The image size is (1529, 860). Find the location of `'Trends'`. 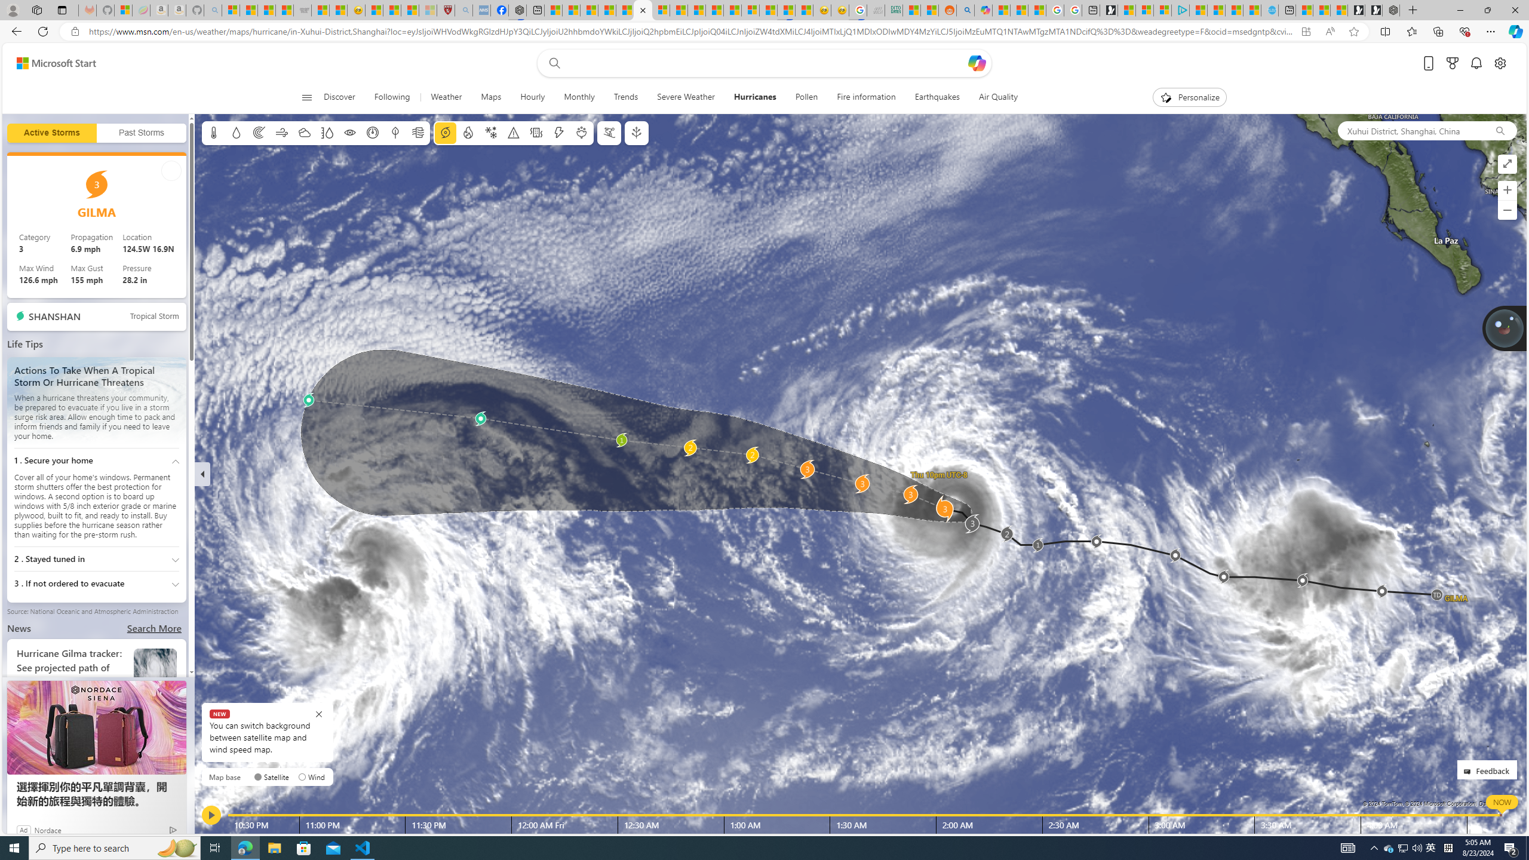

'Trends' is located at coordinates (625, 97).